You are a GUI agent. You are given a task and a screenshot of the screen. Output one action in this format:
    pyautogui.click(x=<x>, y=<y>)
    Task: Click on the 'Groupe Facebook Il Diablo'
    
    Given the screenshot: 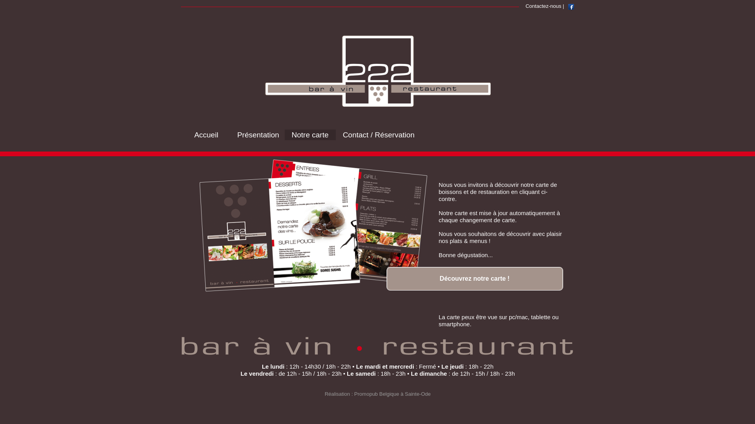 What is the action you would take?
    pyautogui.click(x=571, y=7)
    